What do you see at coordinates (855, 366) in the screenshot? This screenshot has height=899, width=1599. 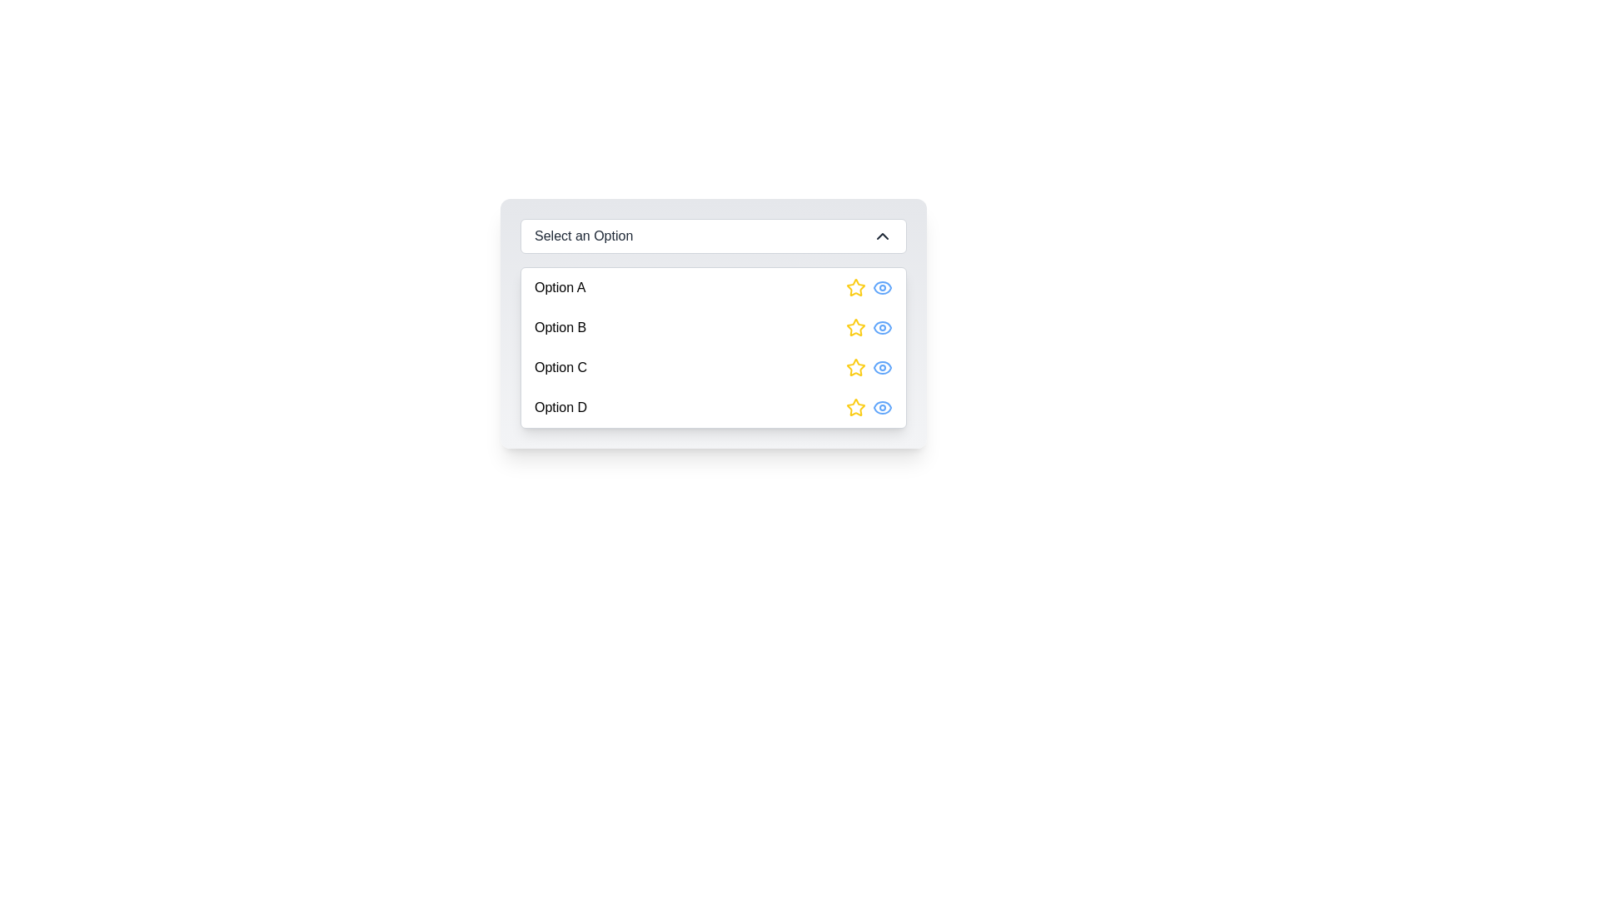 I see `the favorite icon button located to the right of the text in the 'Option C' row of the dropdown menu` at bounding box center [855, 366].